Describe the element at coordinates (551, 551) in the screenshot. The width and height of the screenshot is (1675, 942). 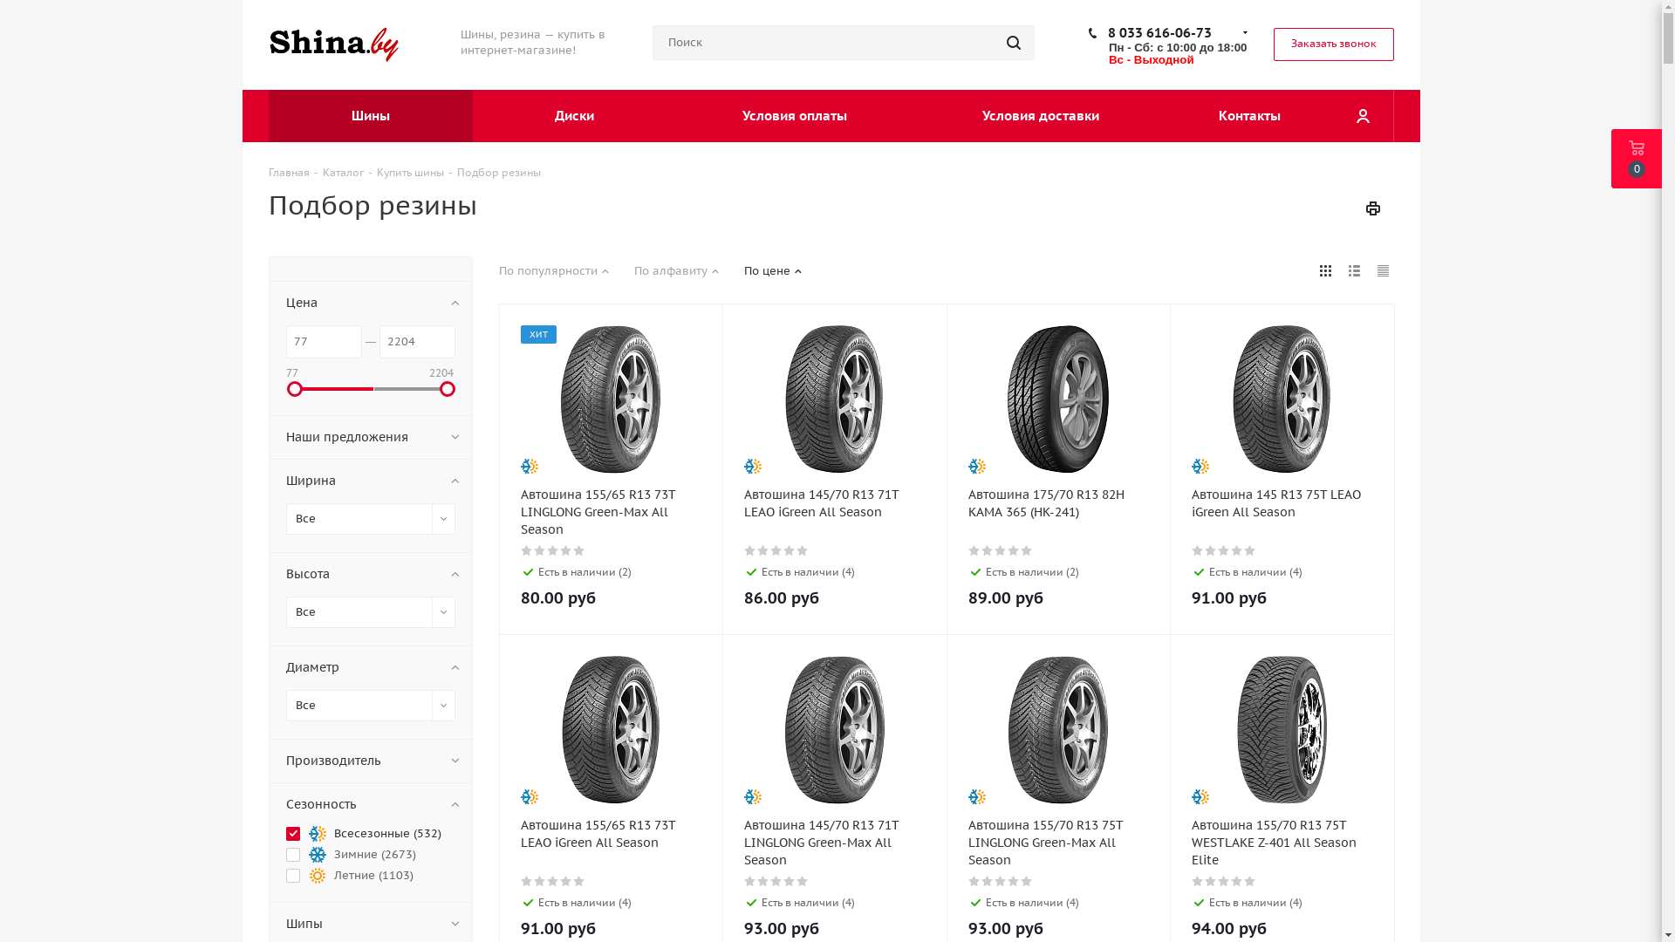
I see `'3'` at that location.